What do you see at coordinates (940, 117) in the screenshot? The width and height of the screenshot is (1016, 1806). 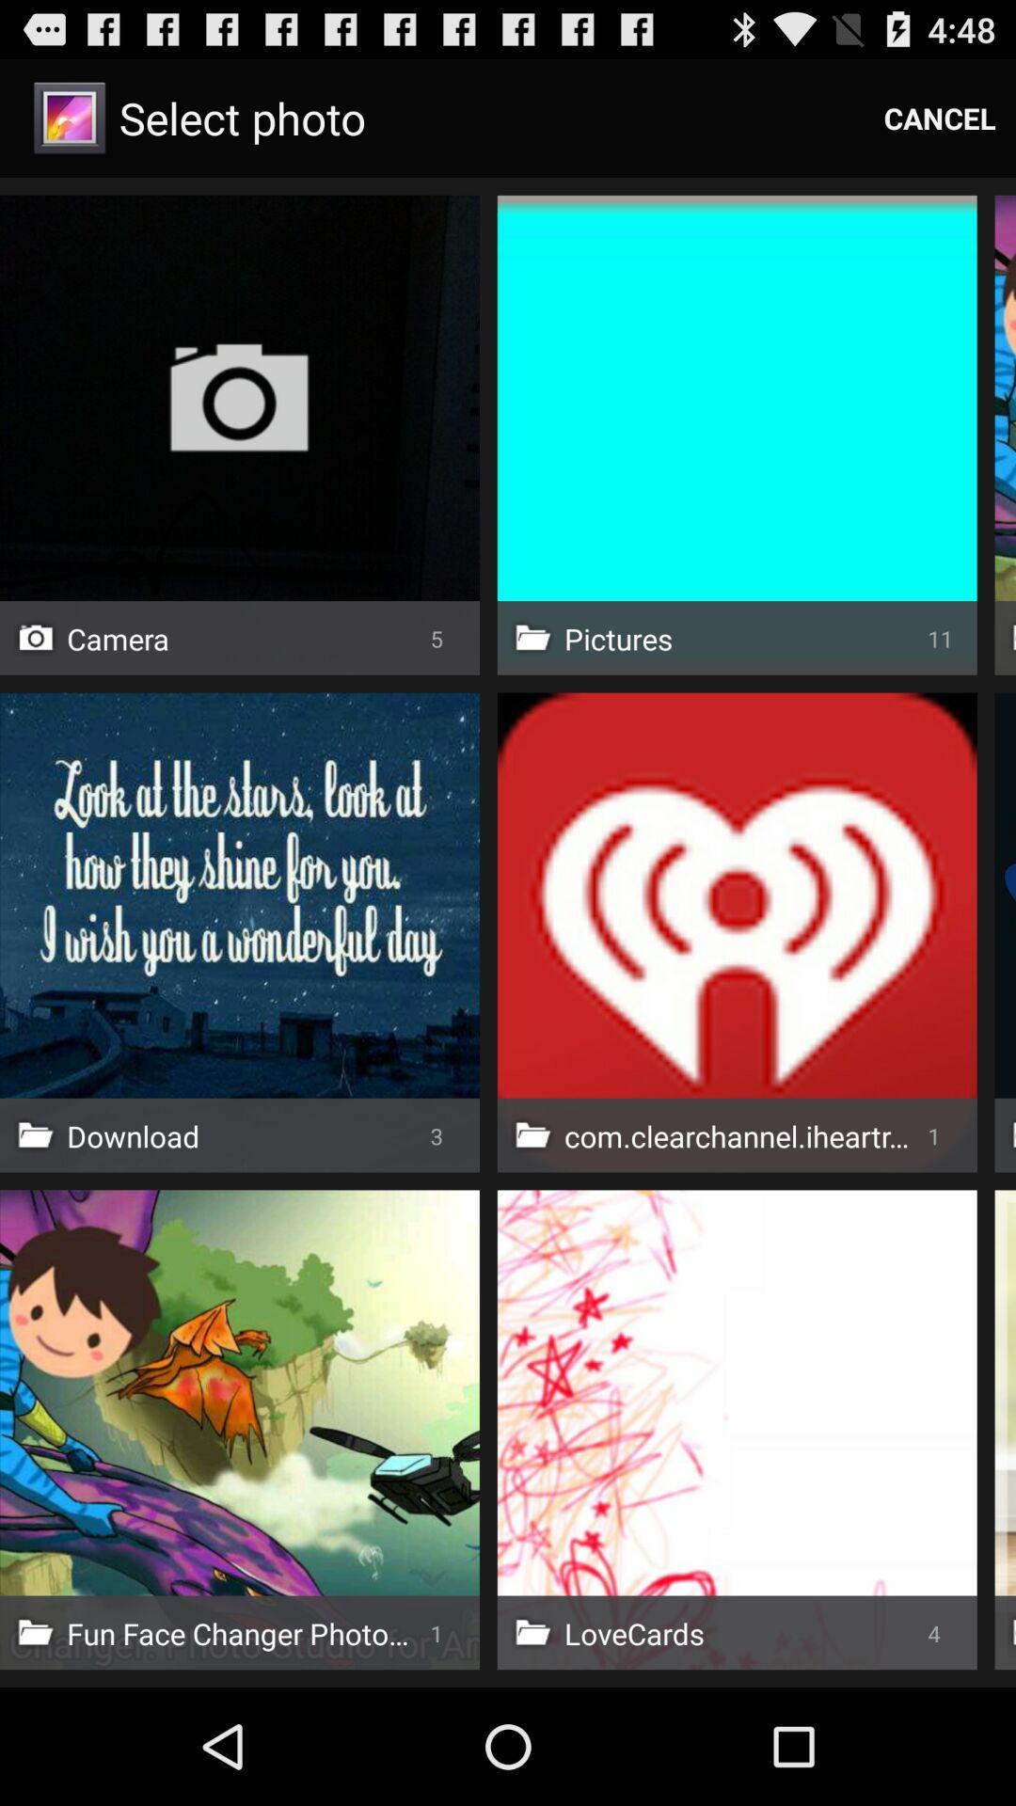 I see `cancel at the top right corner` at bounding box center [940, 117].